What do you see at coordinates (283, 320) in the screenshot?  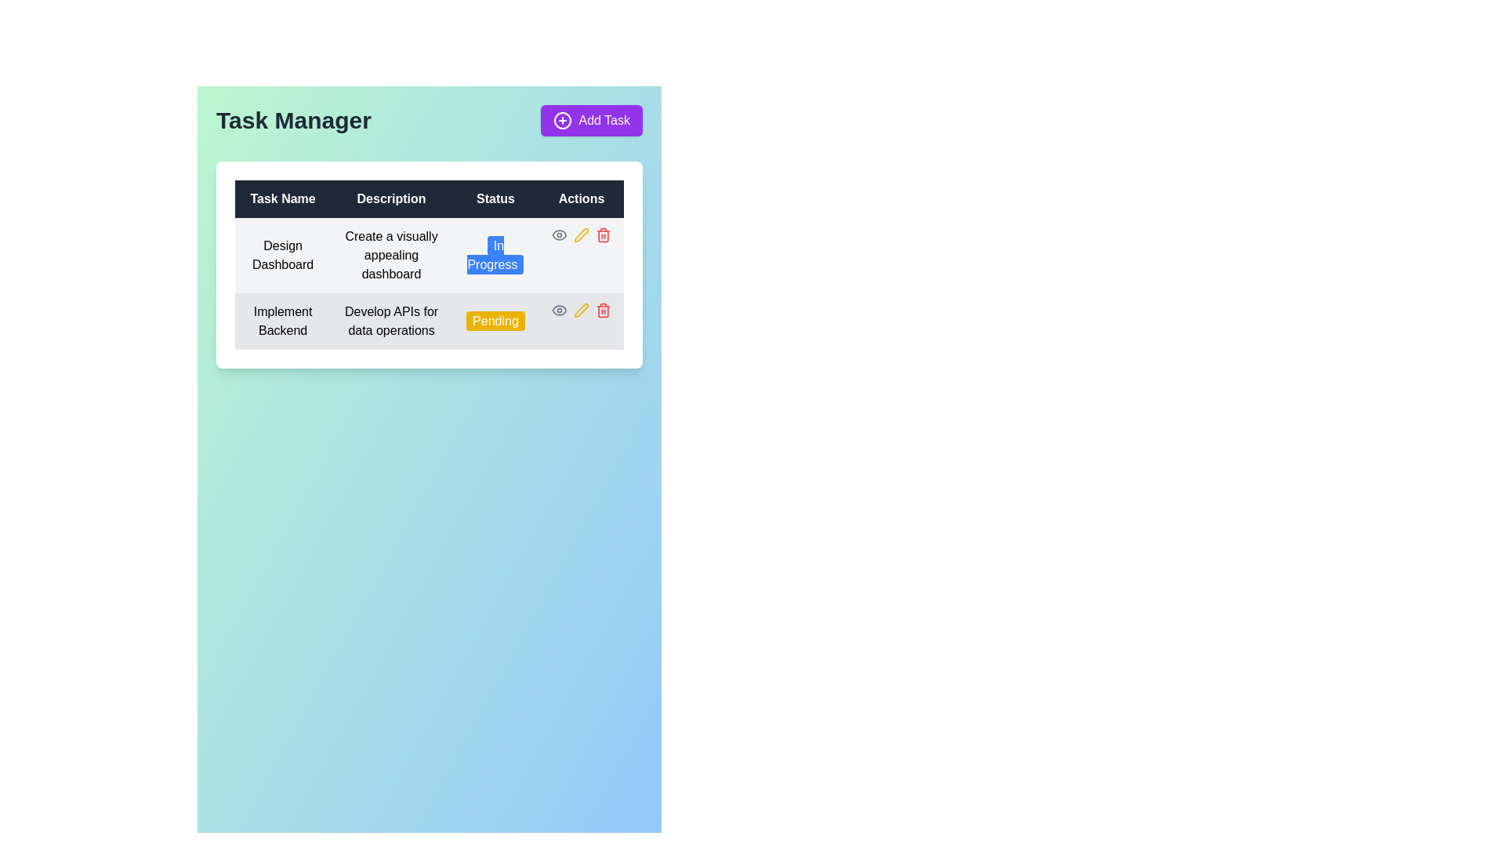 I see `text content of the label in the first column of the second row of the task table under the 'Task Name' column` at bounding box center [283, 320].